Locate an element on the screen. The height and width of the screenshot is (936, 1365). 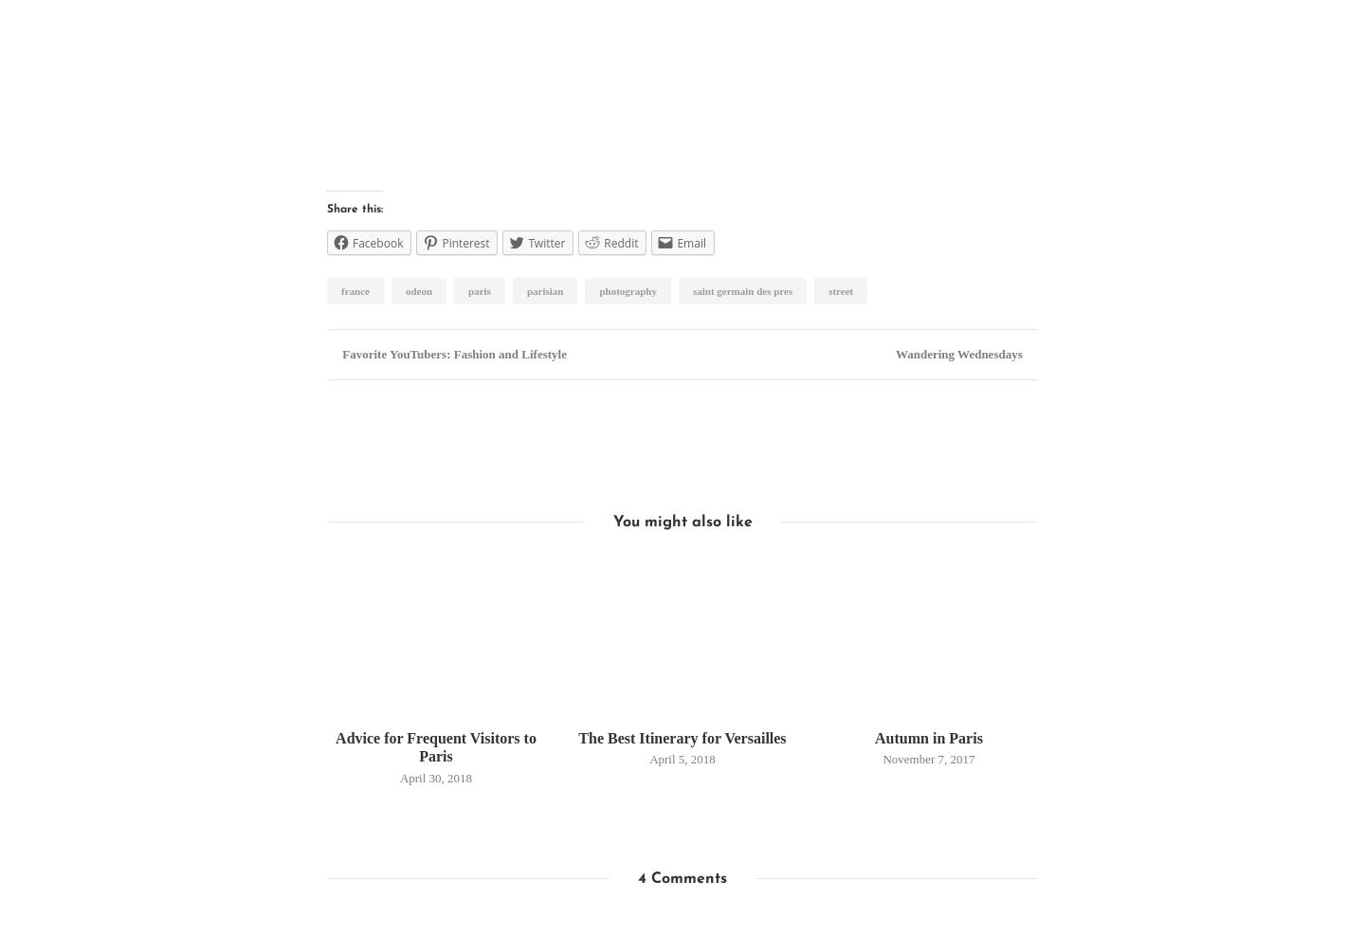
'I'm a Californian in my mid-twenties who studied Art History and lived in France for 3 years. I blog honestly about my travels, share my thoughts on life, and get poetic about art and photography. I also sell prints of my photographs on Etsy.' is located at coordinates (713, 495).